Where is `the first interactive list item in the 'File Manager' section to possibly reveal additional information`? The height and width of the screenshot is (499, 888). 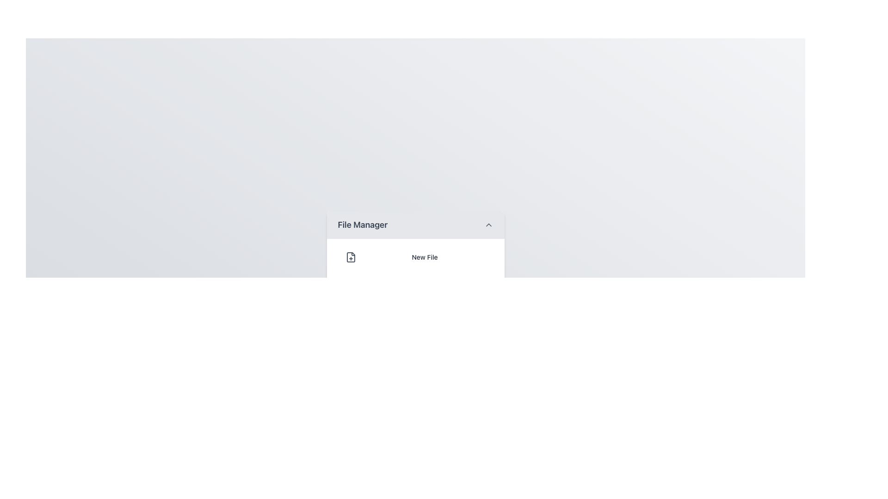
the first interactive list item in the 'File Manager' section to possibly reveal additional information is located at coordinates (415, 257).